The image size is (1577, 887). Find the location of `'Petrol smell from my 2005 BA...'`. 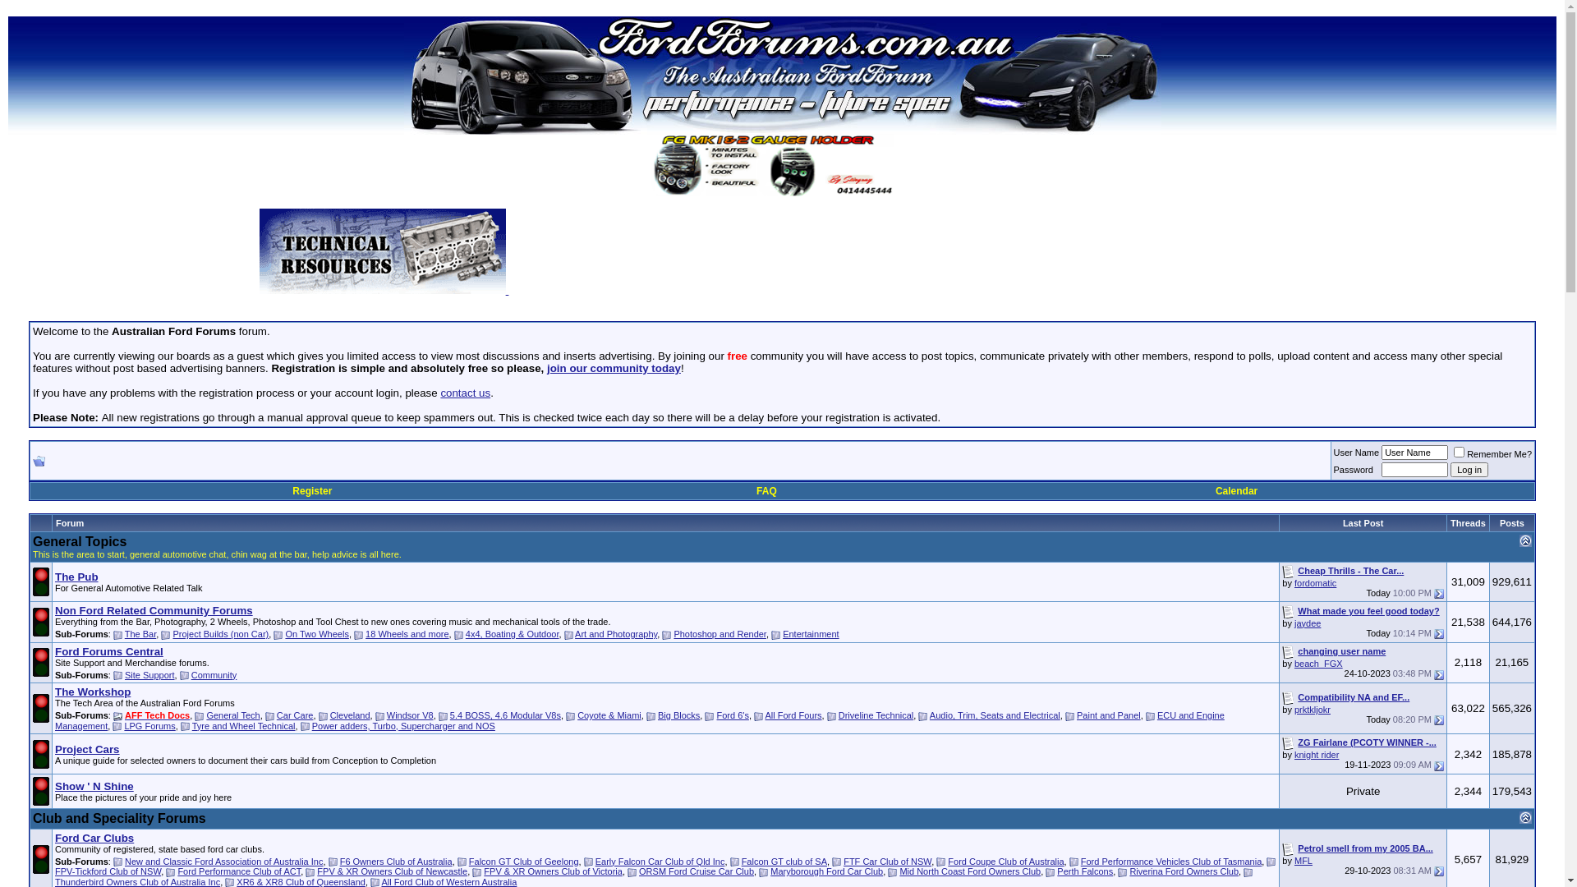

'Petrol smell from my 2005 BA...' is located at coordinates (1364, 848).